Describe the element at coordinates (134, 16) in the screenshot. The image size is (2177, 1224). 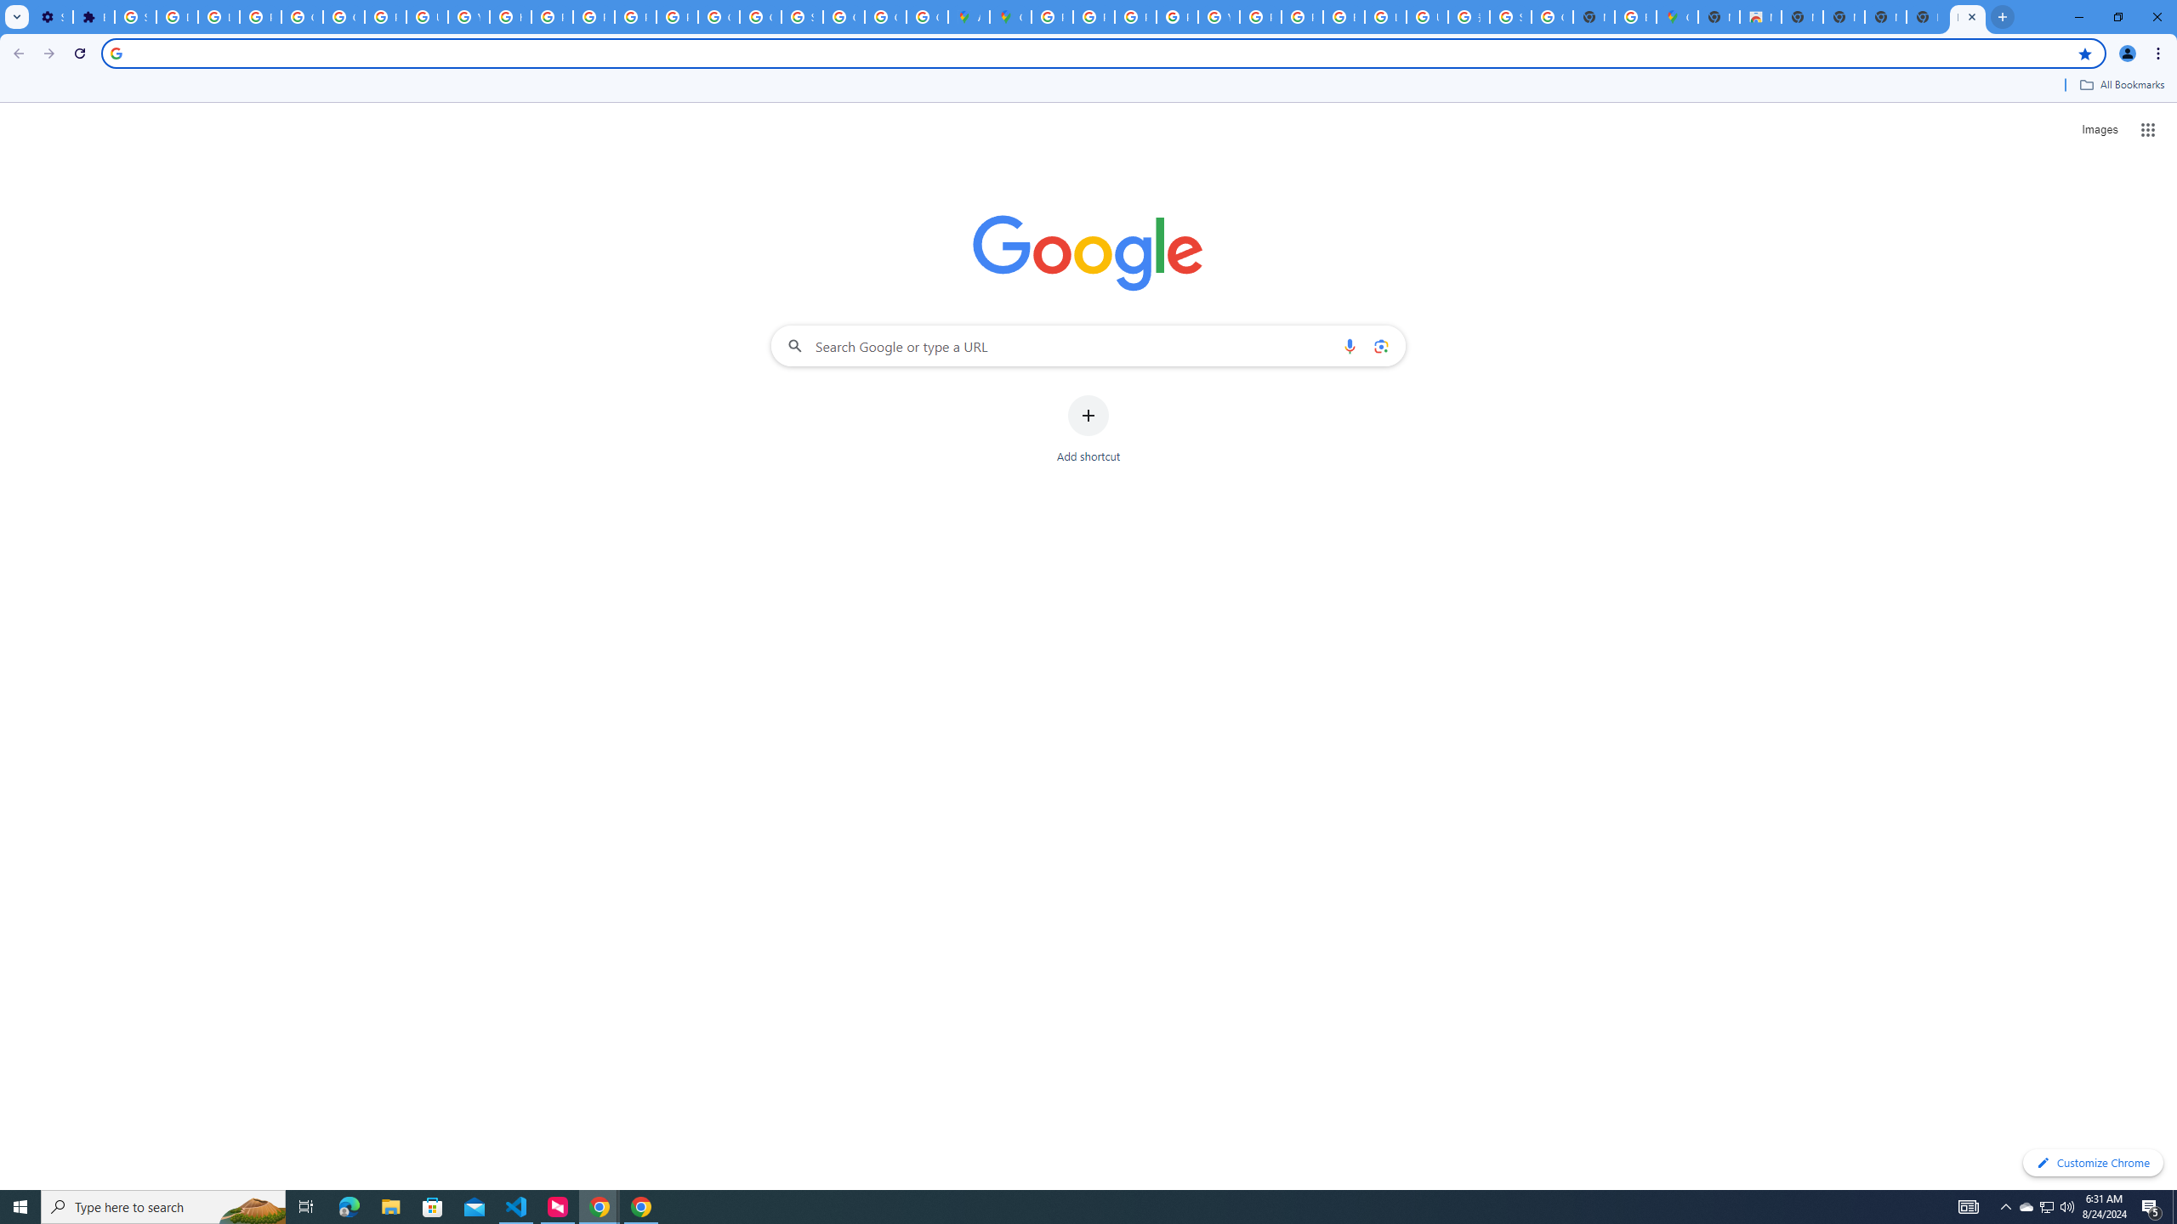
I see `'Sign in - Google Accounts'` at that location.